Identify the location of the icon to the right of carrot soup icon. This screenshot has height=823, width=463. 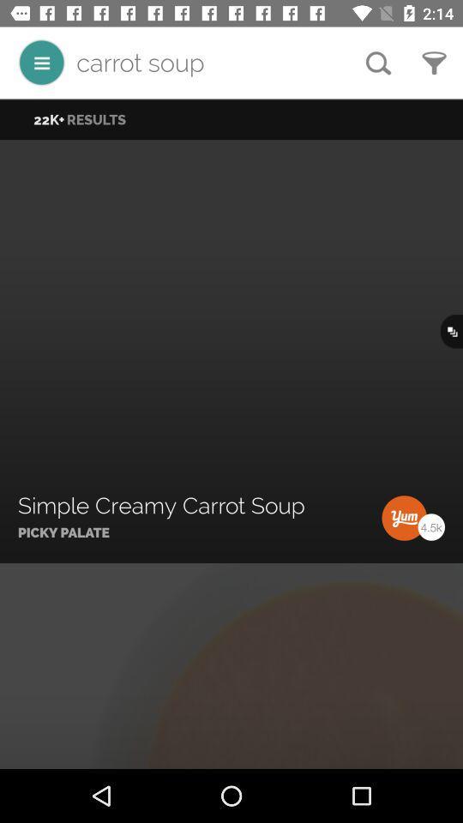
(378, 63).